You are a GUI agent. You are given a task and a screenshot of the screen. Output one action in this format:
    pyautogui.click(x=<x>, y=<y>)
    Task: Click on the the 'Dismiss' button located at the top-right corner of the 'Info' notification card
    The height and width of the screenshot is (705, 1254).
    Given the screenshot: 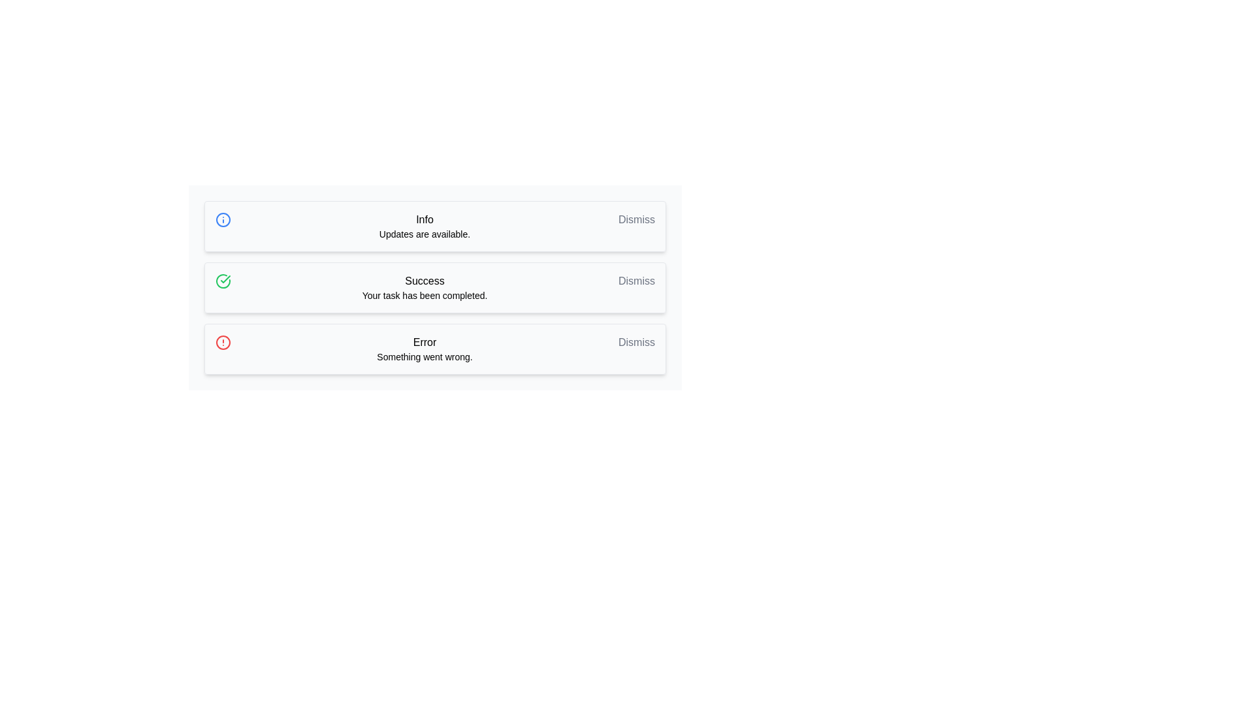 What is the action you would take?
    pyautogui.click(x=636, y=219)
    